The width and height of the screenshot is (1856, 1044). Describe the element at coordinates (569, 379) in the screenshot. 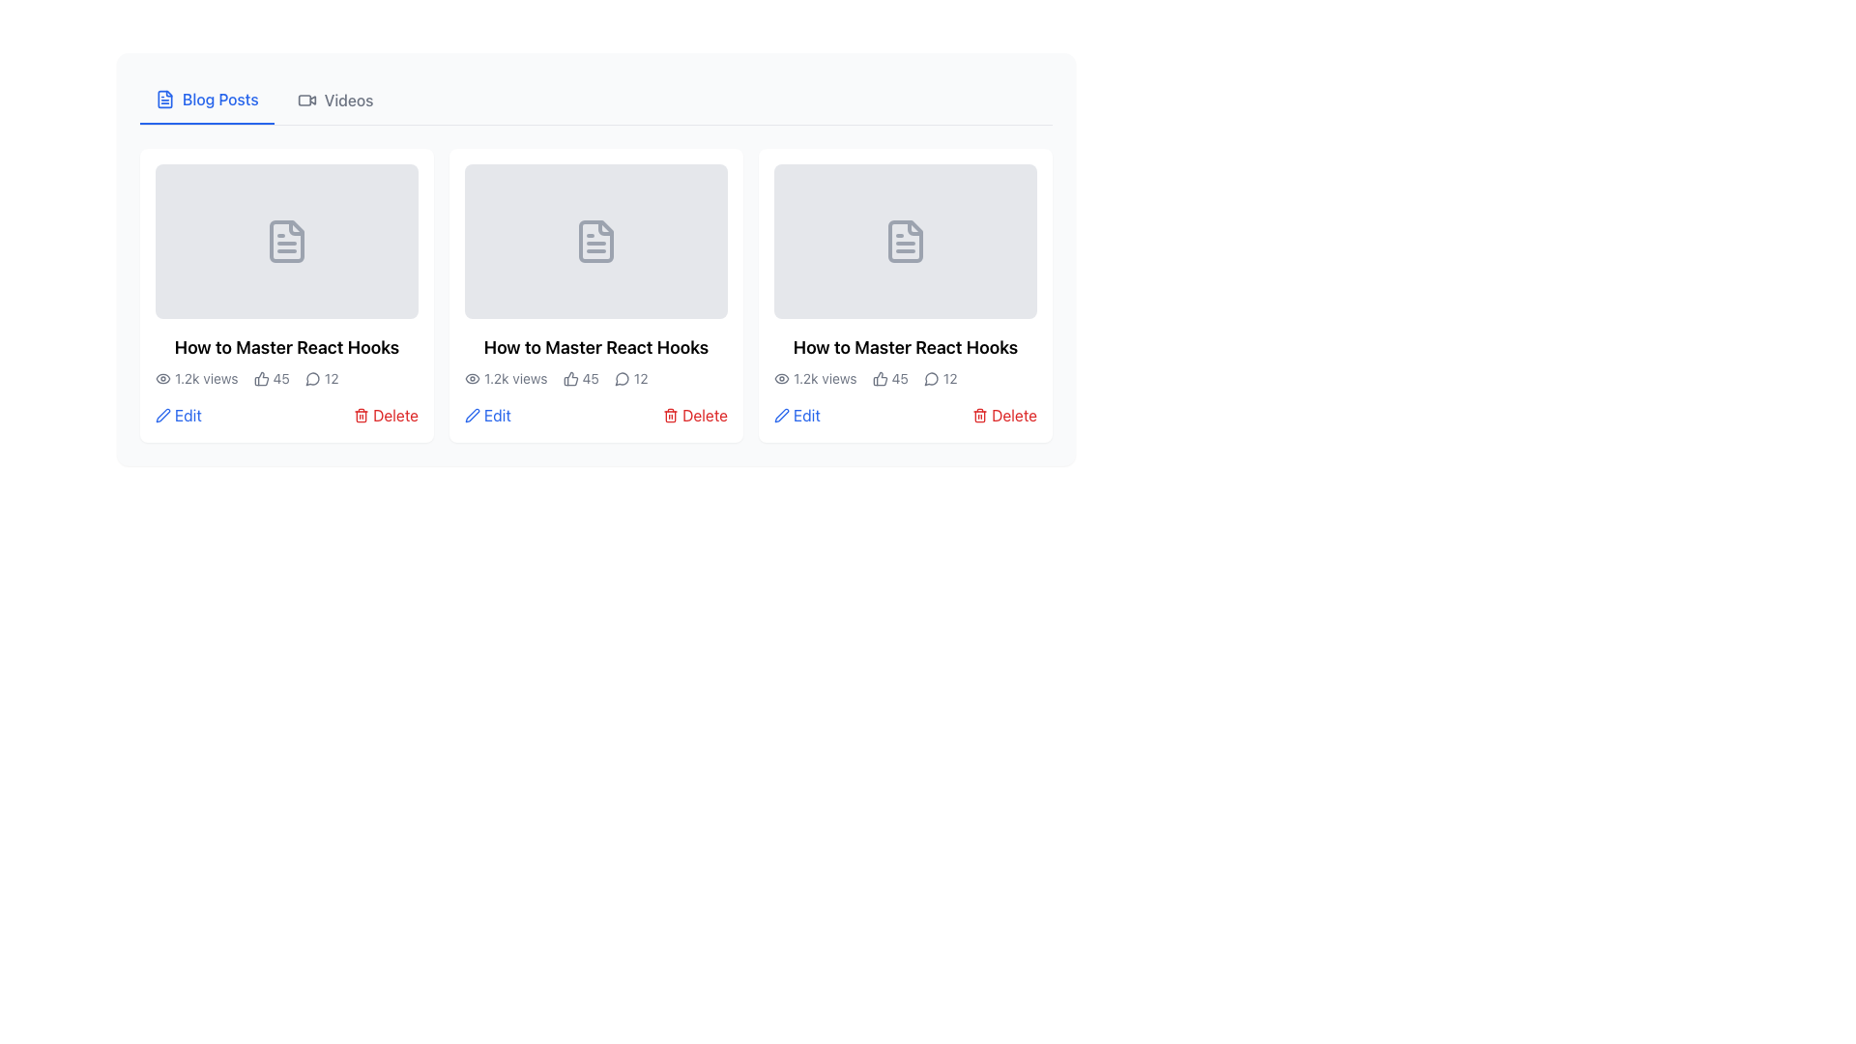

I see `the thumbs-up icon representing likes or approval functions located in the second column of interactive cards under the 'How to Master React Hooks' section` at that location.